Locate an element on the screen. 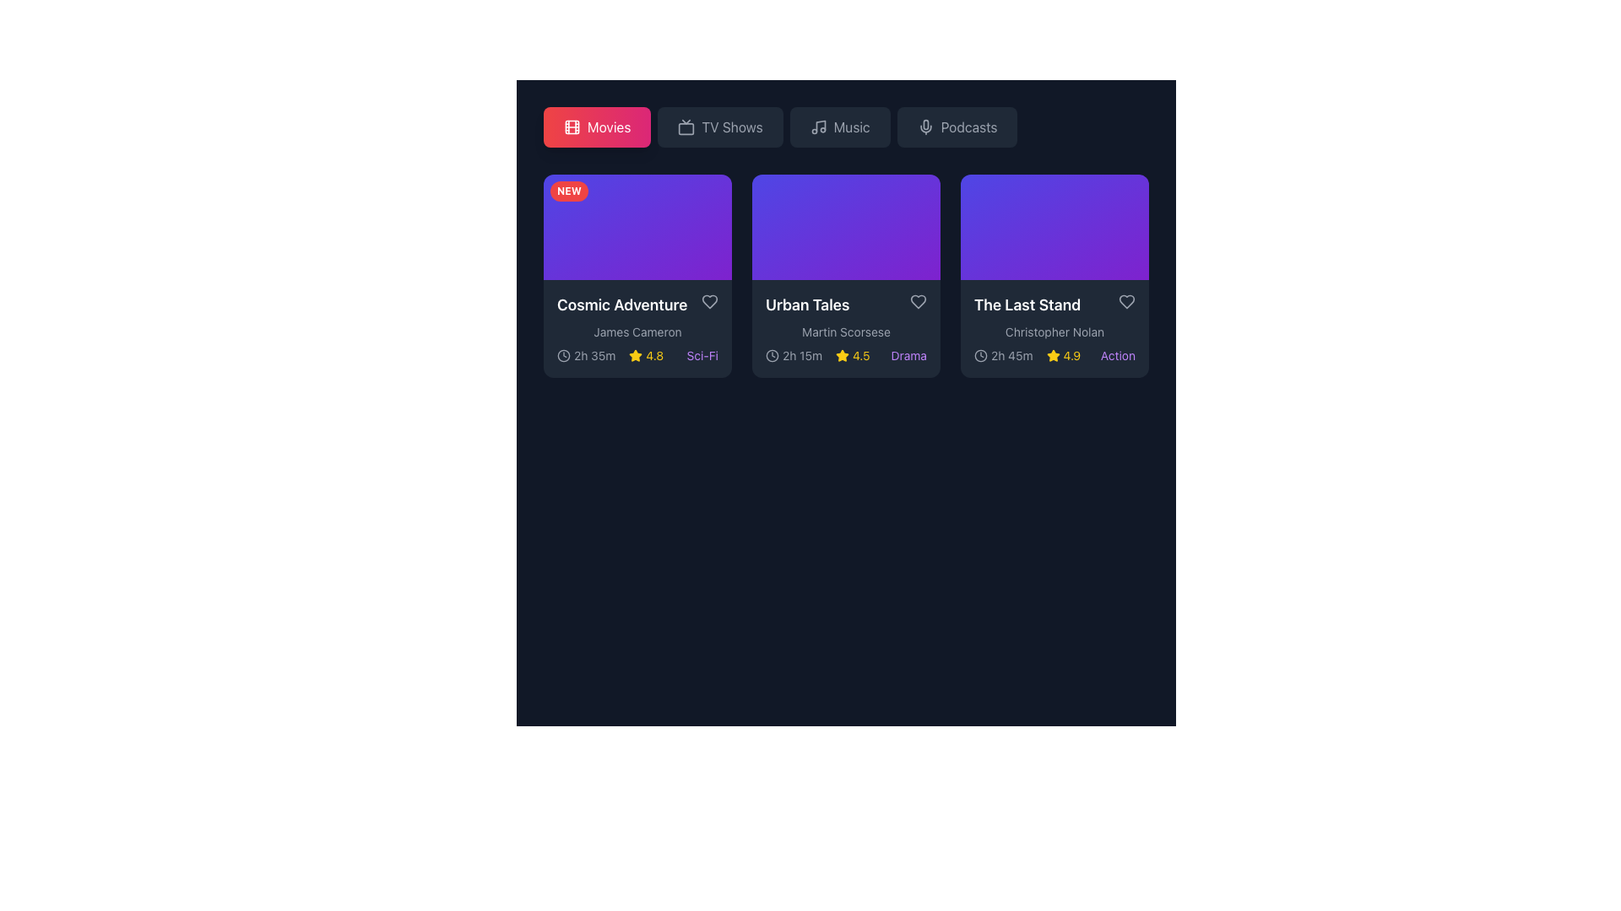  the musical note icon located in the navigation bar, which is inside the button labeled 'Music' and has a gray outline is located at coordinates (818, 126).